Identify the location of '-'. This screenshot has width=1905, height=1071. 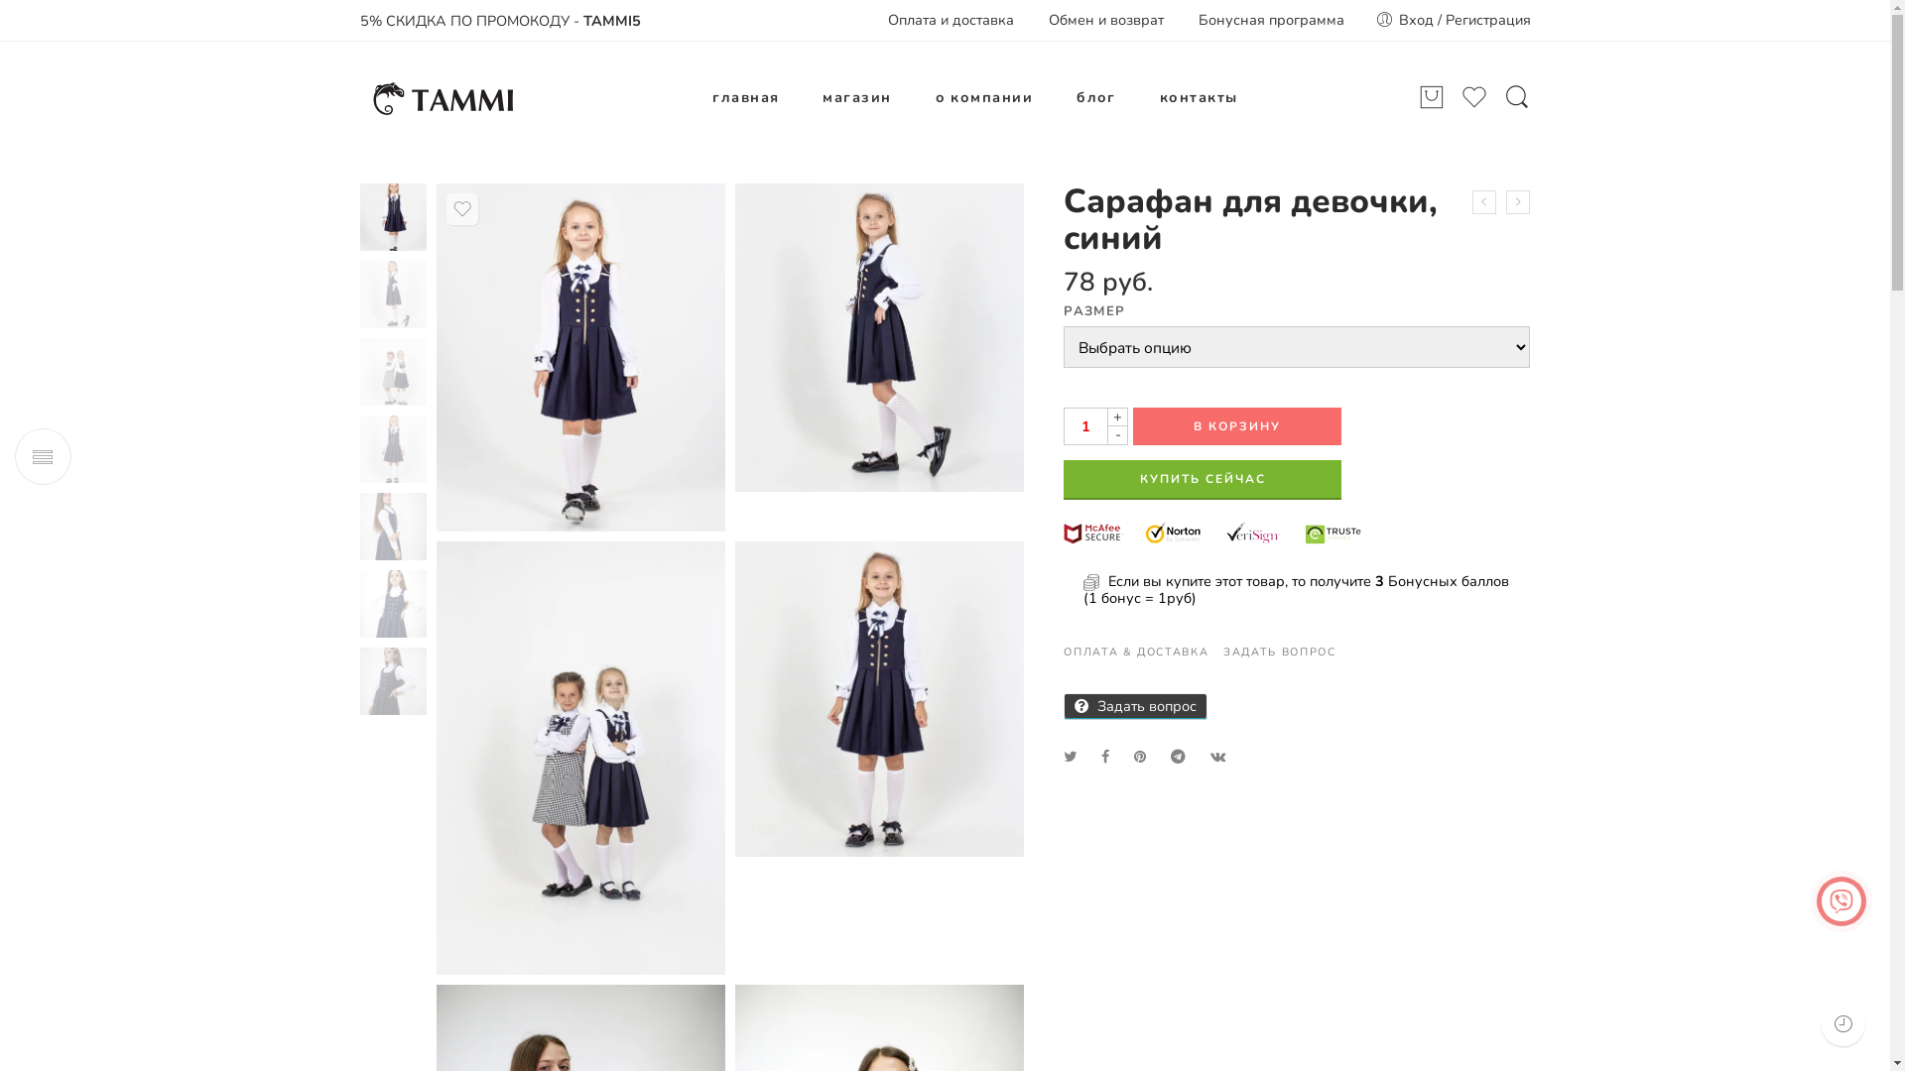
(1117, 434).